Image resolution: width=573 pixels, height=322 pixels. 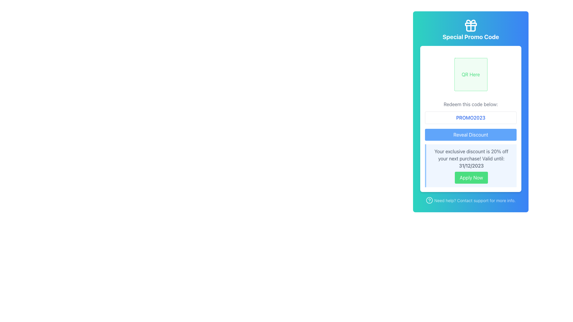 I want to click on the Display text area that shows the promotional code 'PROMO2023', which is styled with a centered blue font on a white background and is located below the prompt 'Redeem this code below:' and above the button labeled 'Reveal Discount', so click(x=470, y=117).